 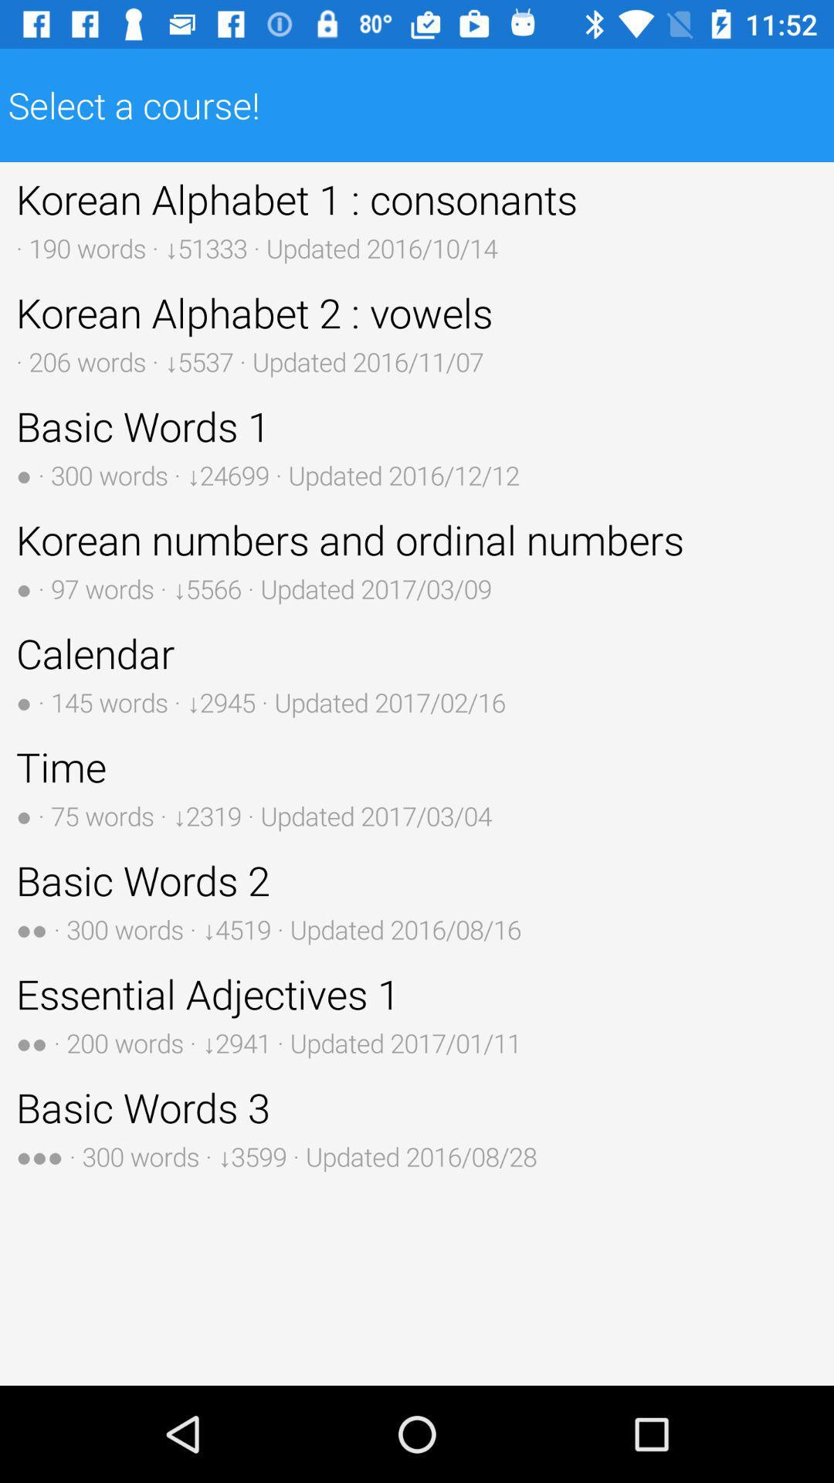 What do you see at coordinates (417, 1013) in the screenshot?
I see `essential adjectives 1 button` at bounding box center [417, 1013].